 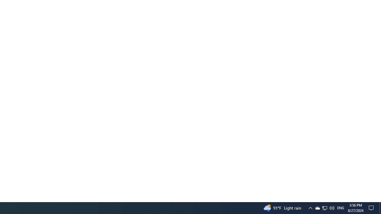 What do you see at coordinates (324, 207) in the screenshot?
I see `'Tray Input Indicator - English (United States)'` at bounding box center [324, 207].